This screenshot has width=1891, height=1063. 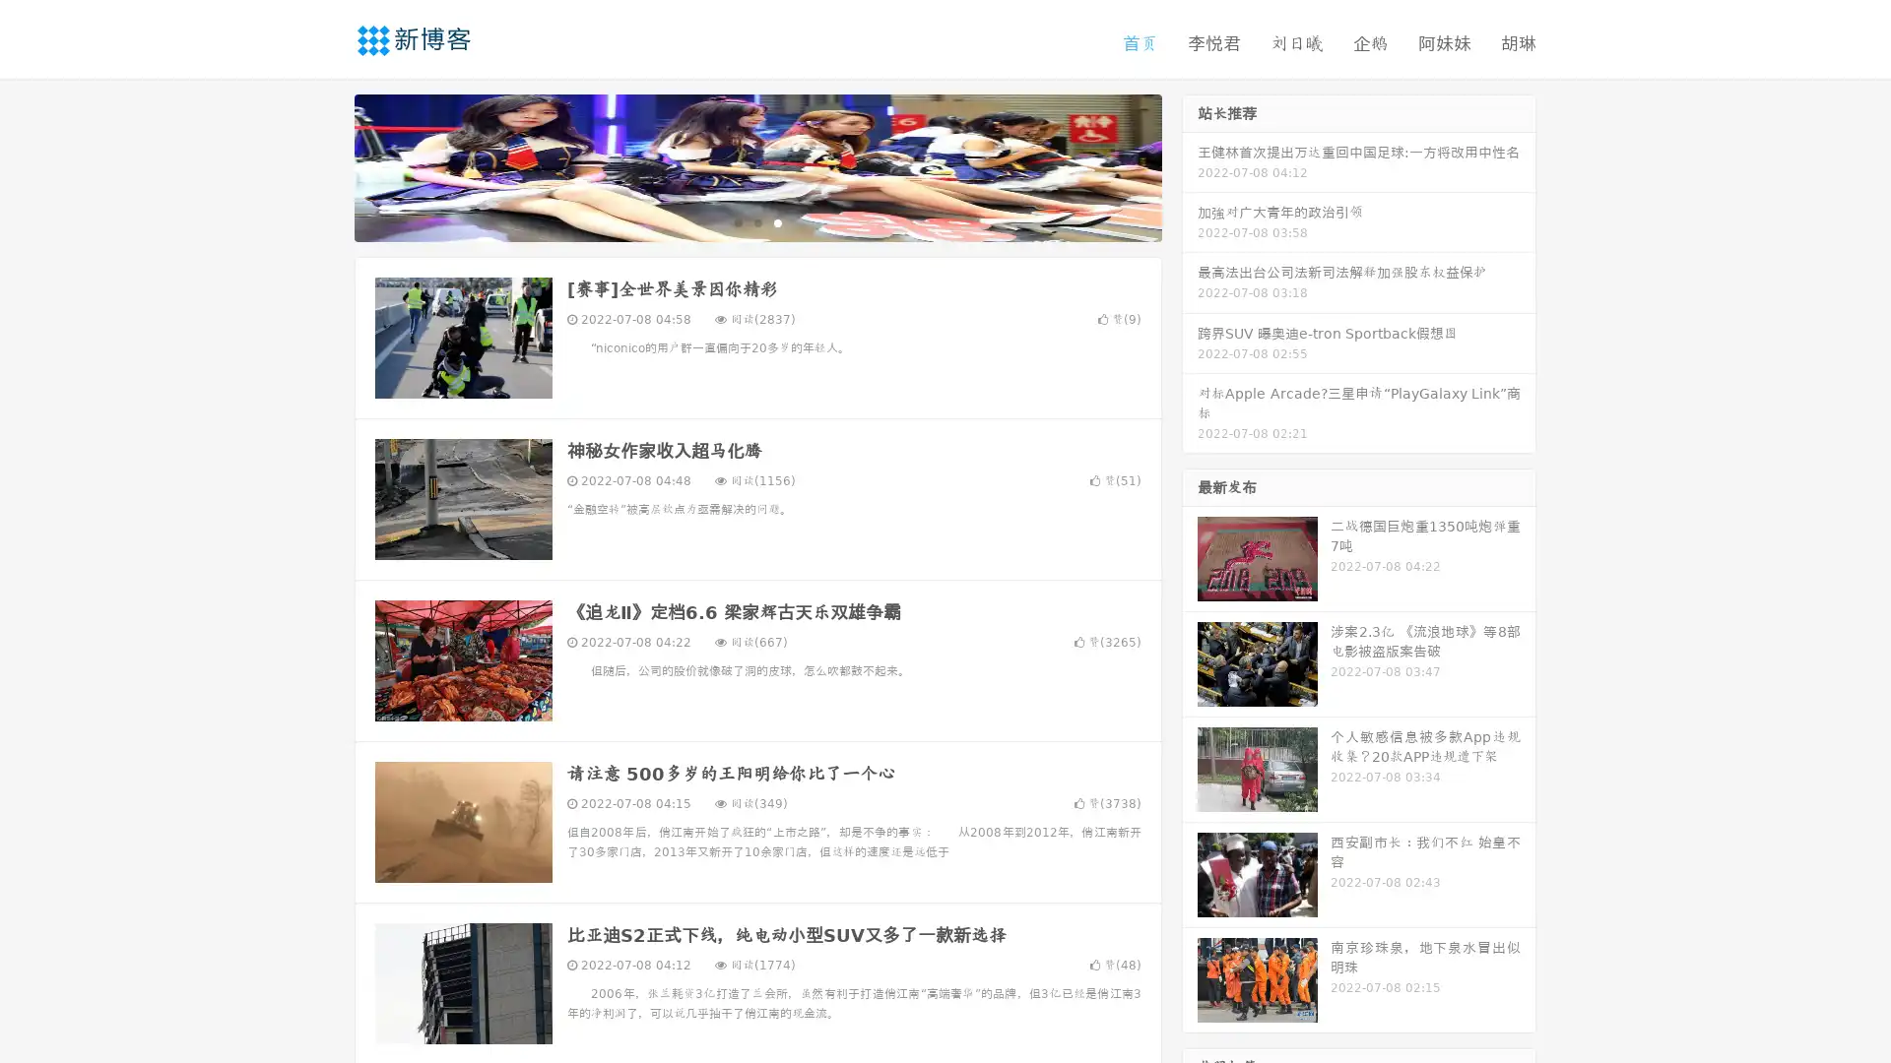 What do you see at coordinates (756, 221) in the screenshot?
I see `Go to slide 2` at bounding box center [756, 221].